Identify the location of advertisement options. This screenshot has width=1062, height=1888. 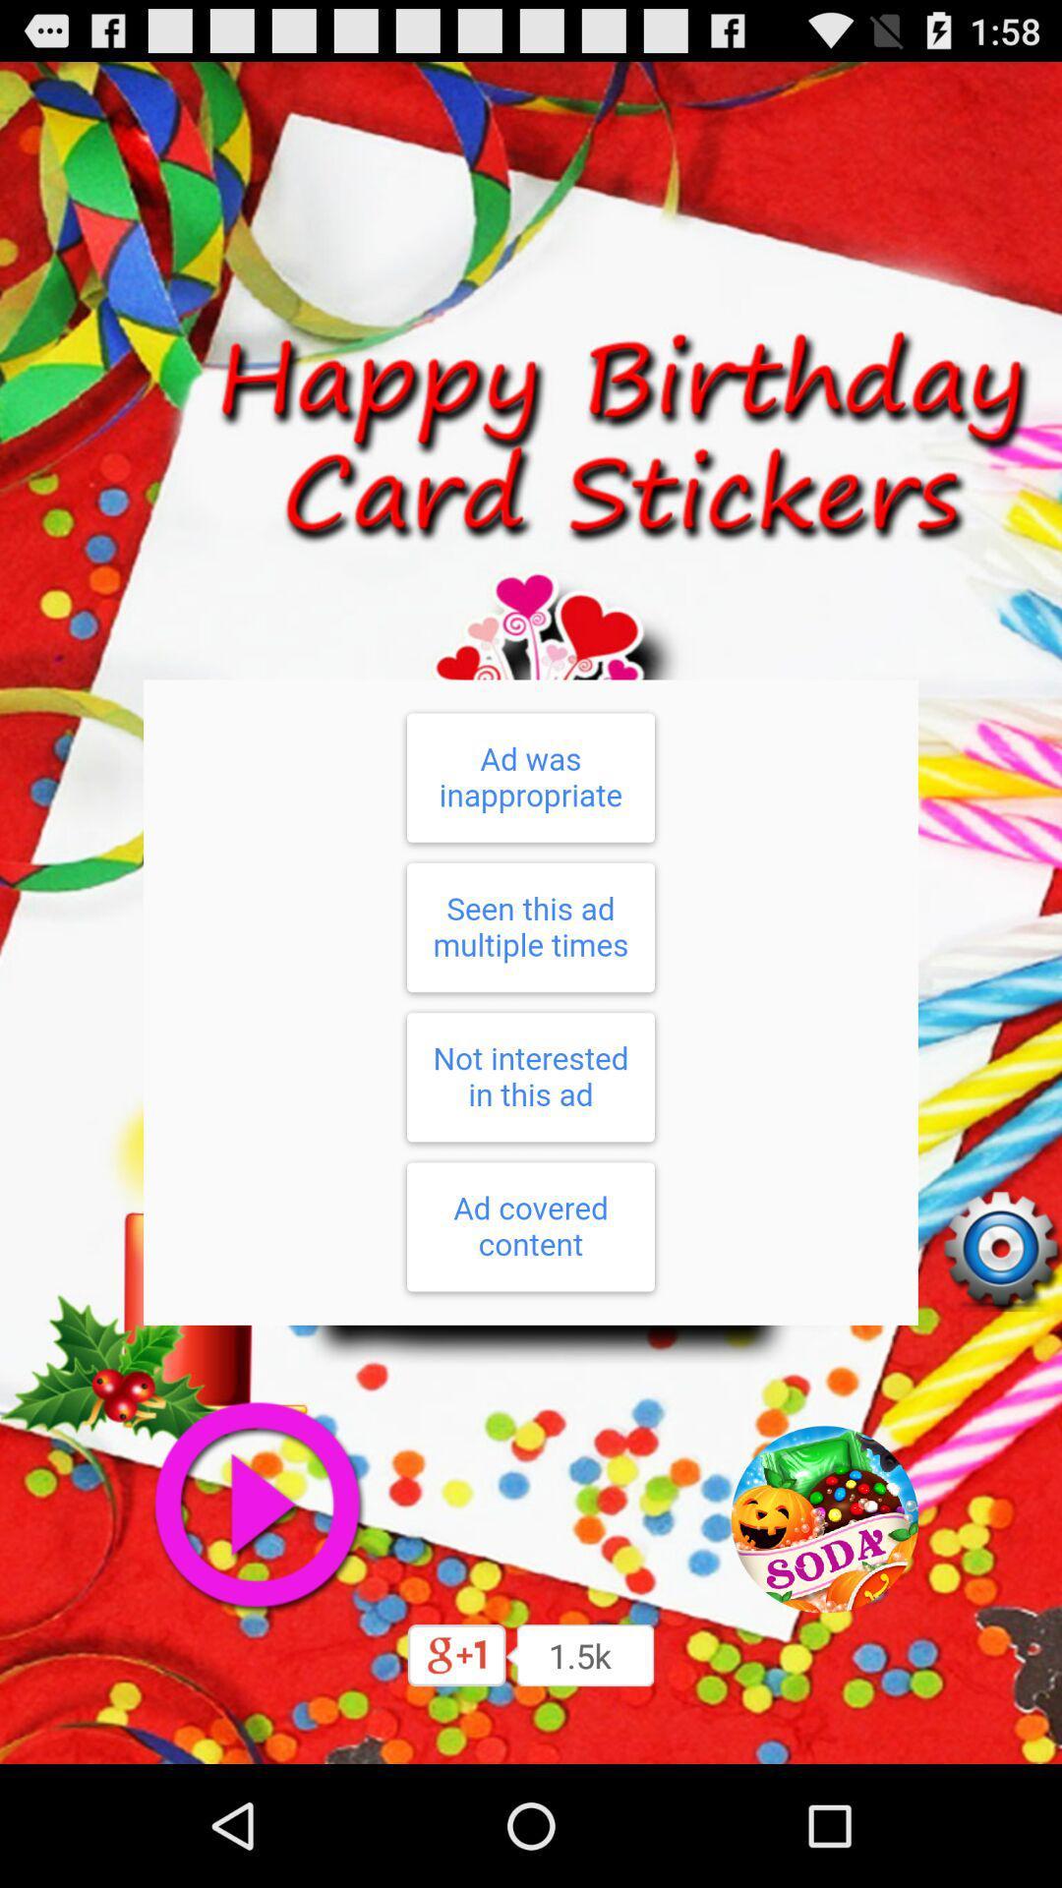
(531, 1002).